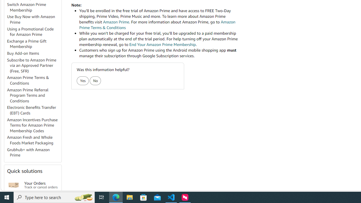  I want to click on 'Amazon Fresh and Whole Foods Market Packaging', so click(30, 140).